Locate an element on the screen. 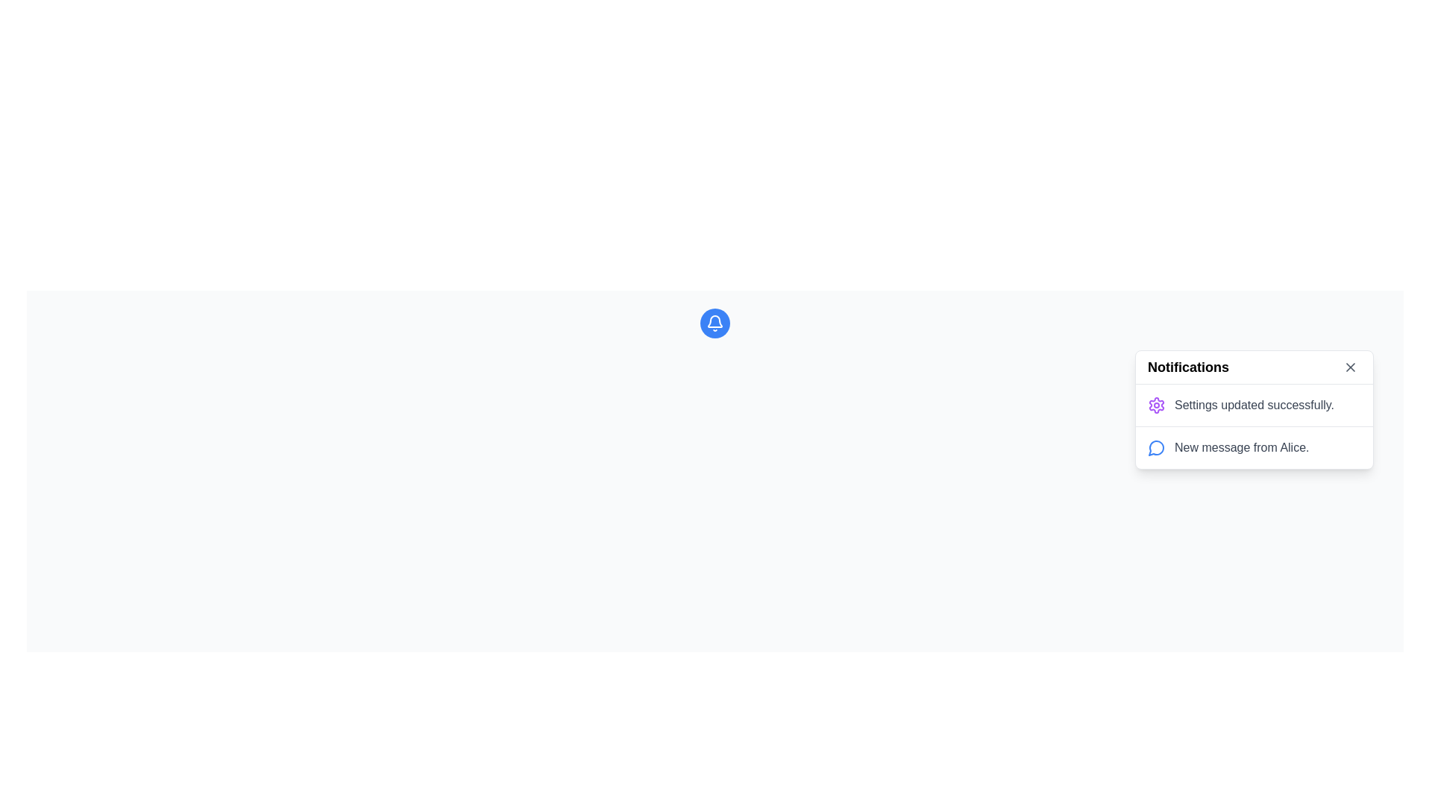  the circular chat bubble icon with a blue outline and white background located to the left of the 'New message from Alice.' notification text in the Notifications section is located at coordinates (1155, 447).